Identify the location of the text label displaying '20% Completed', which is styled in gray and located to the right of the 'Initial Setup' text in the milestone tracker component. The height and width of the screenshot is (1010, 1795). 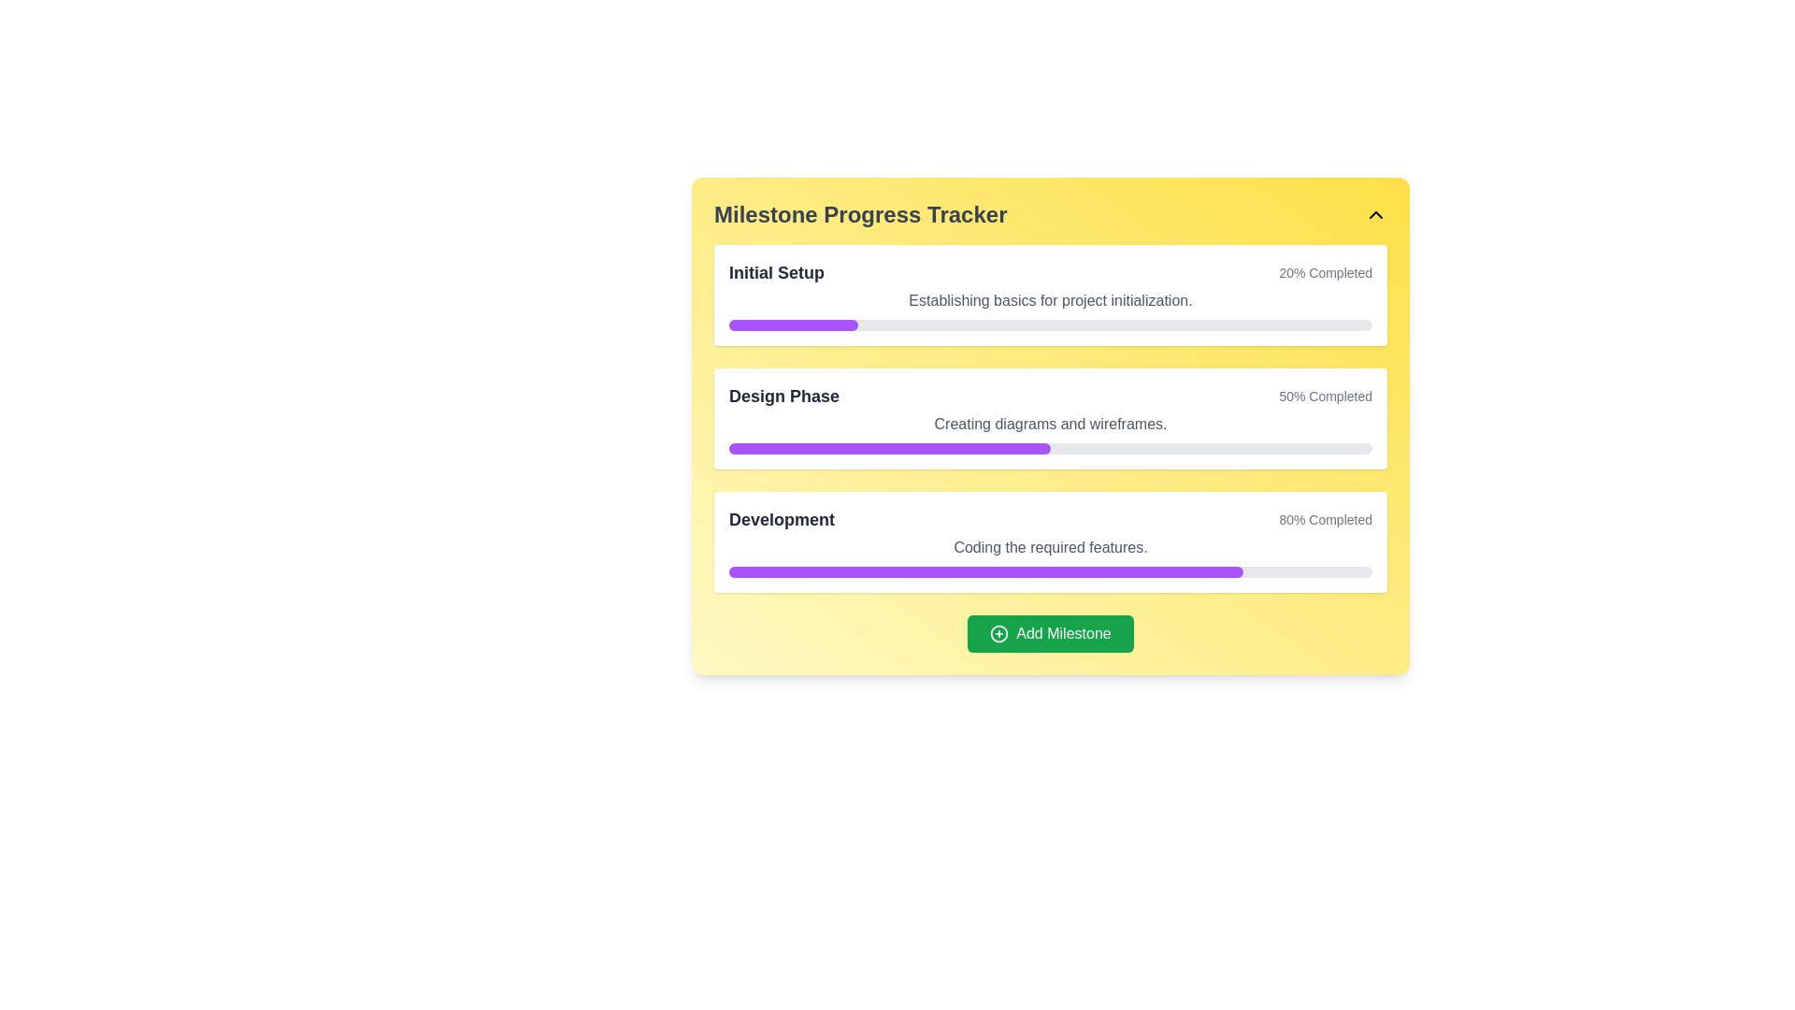
(1325, 273).